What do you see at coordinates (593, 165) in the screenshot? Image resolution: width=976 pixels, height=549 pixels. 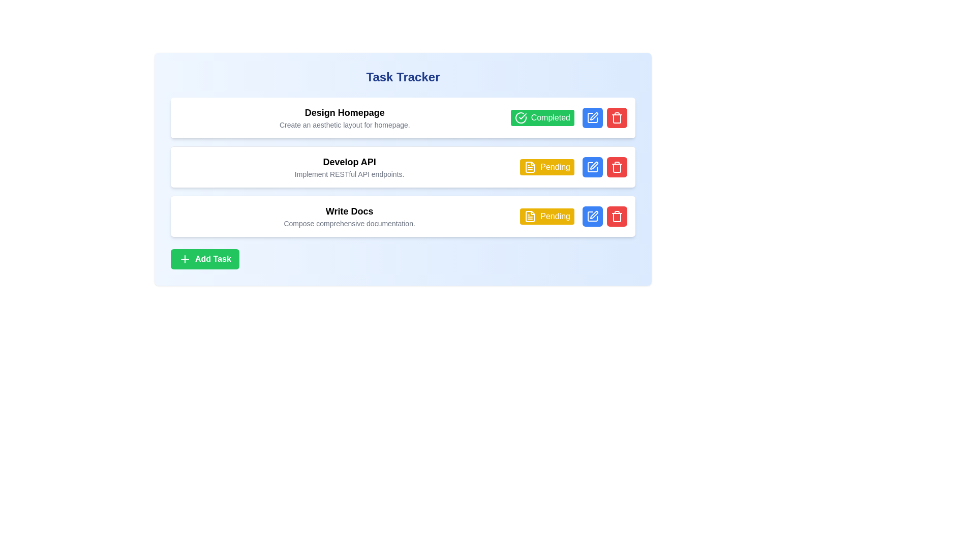 I see `the edit icon located at the right end of the 'Develop API' task entry row` at bounding box center [593, 165].